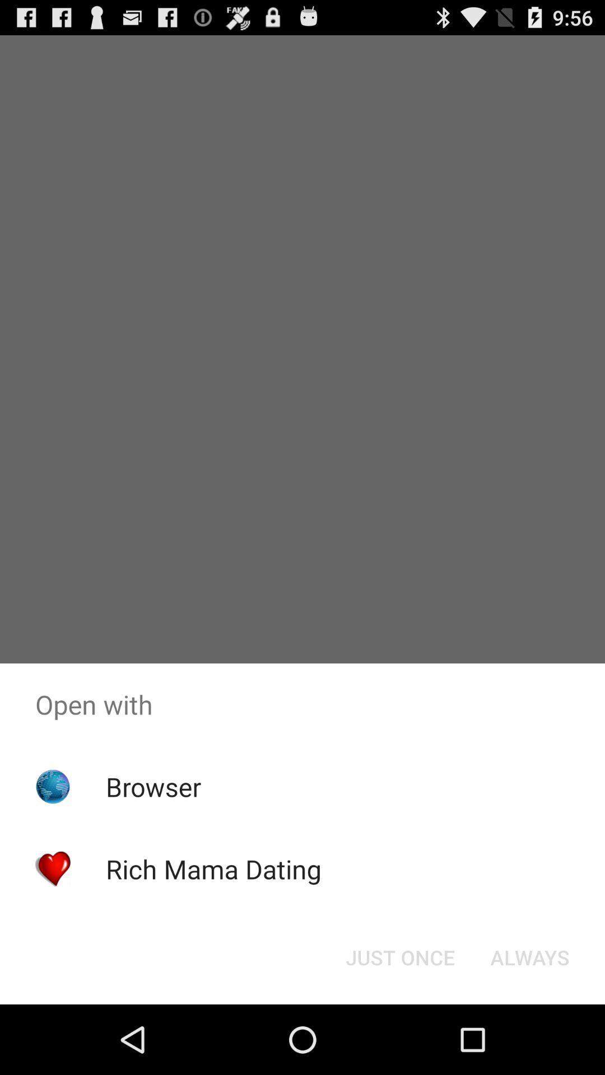 This screenshot has width=605, height=1075. What do you see at coordinates (529, 956) in the screenshot?
I see `icon below open with item` at bounding box center [529, 956].